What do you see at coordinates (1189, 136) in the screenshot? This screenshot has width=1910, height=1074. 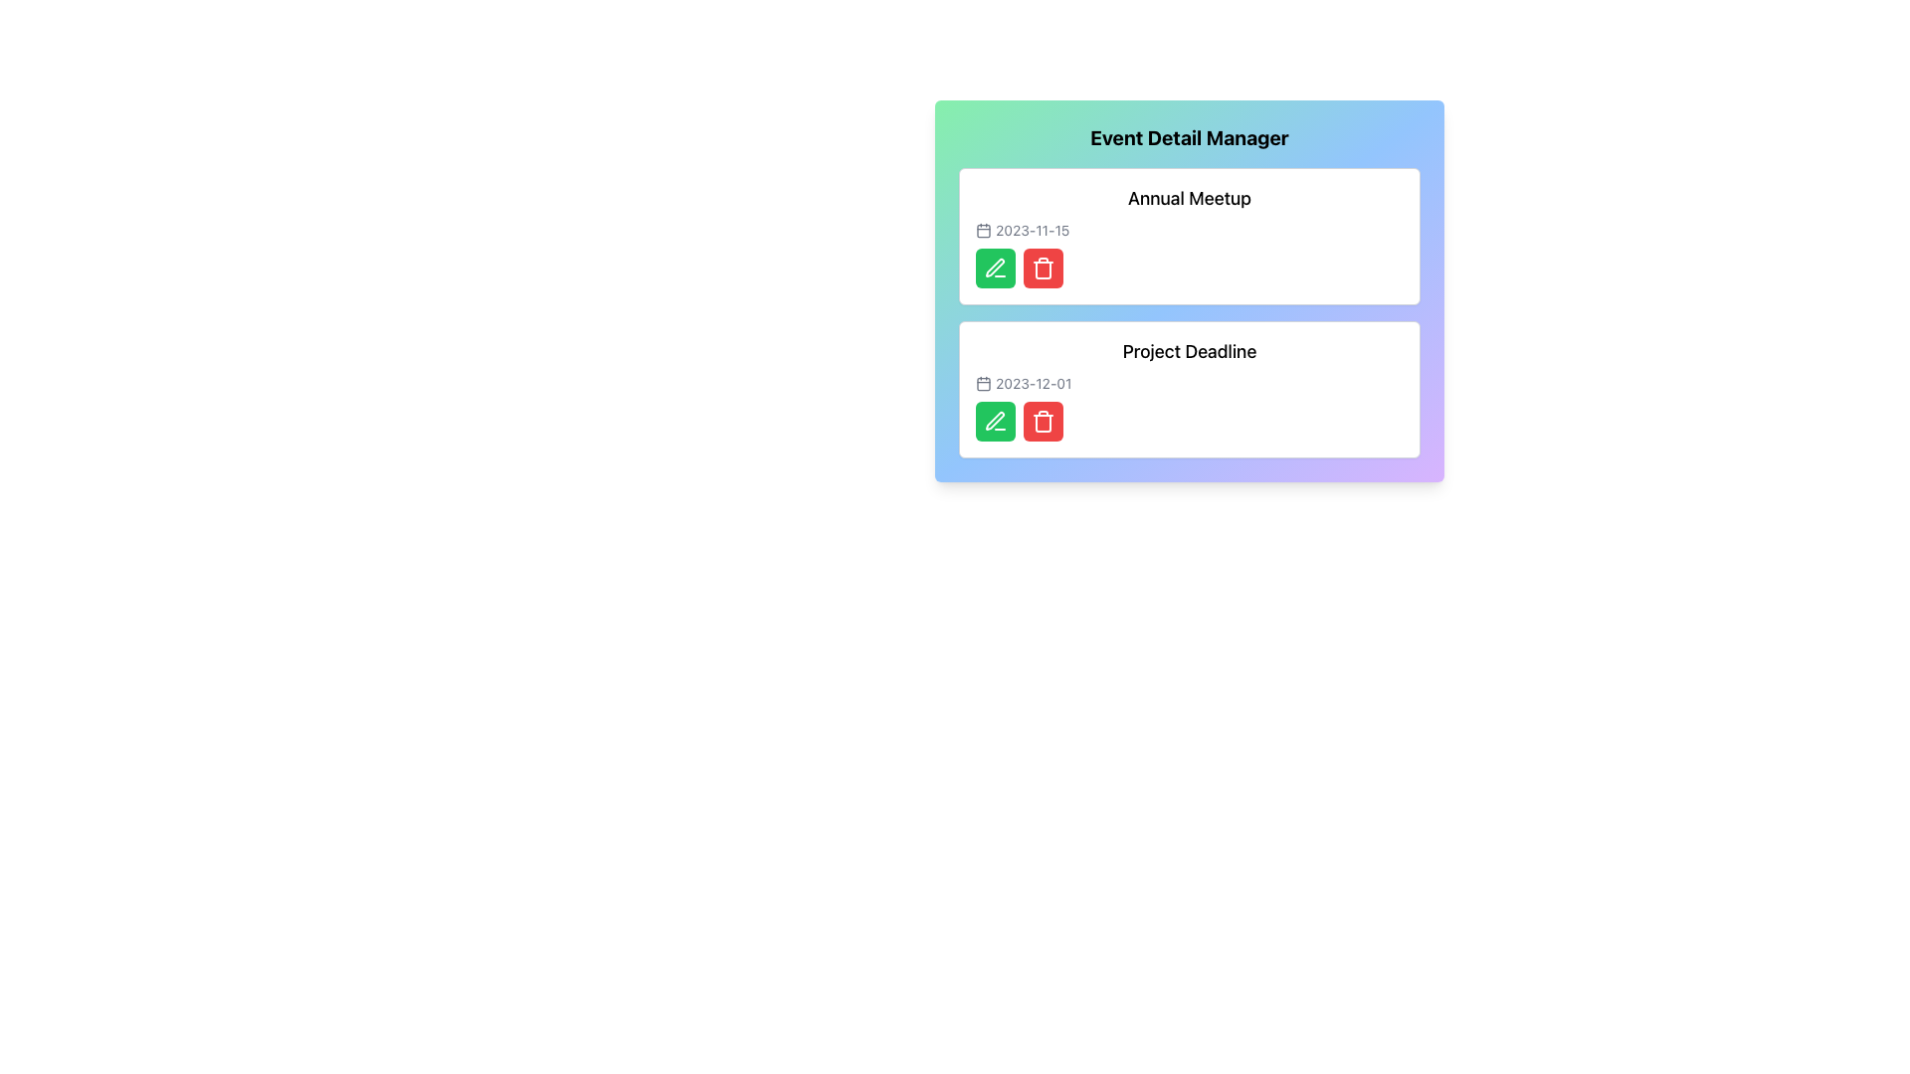 I see `the header text label indicating the primary content of the section for managing event details to potentially reveal tooltips` at bounding box center [1189, 136].